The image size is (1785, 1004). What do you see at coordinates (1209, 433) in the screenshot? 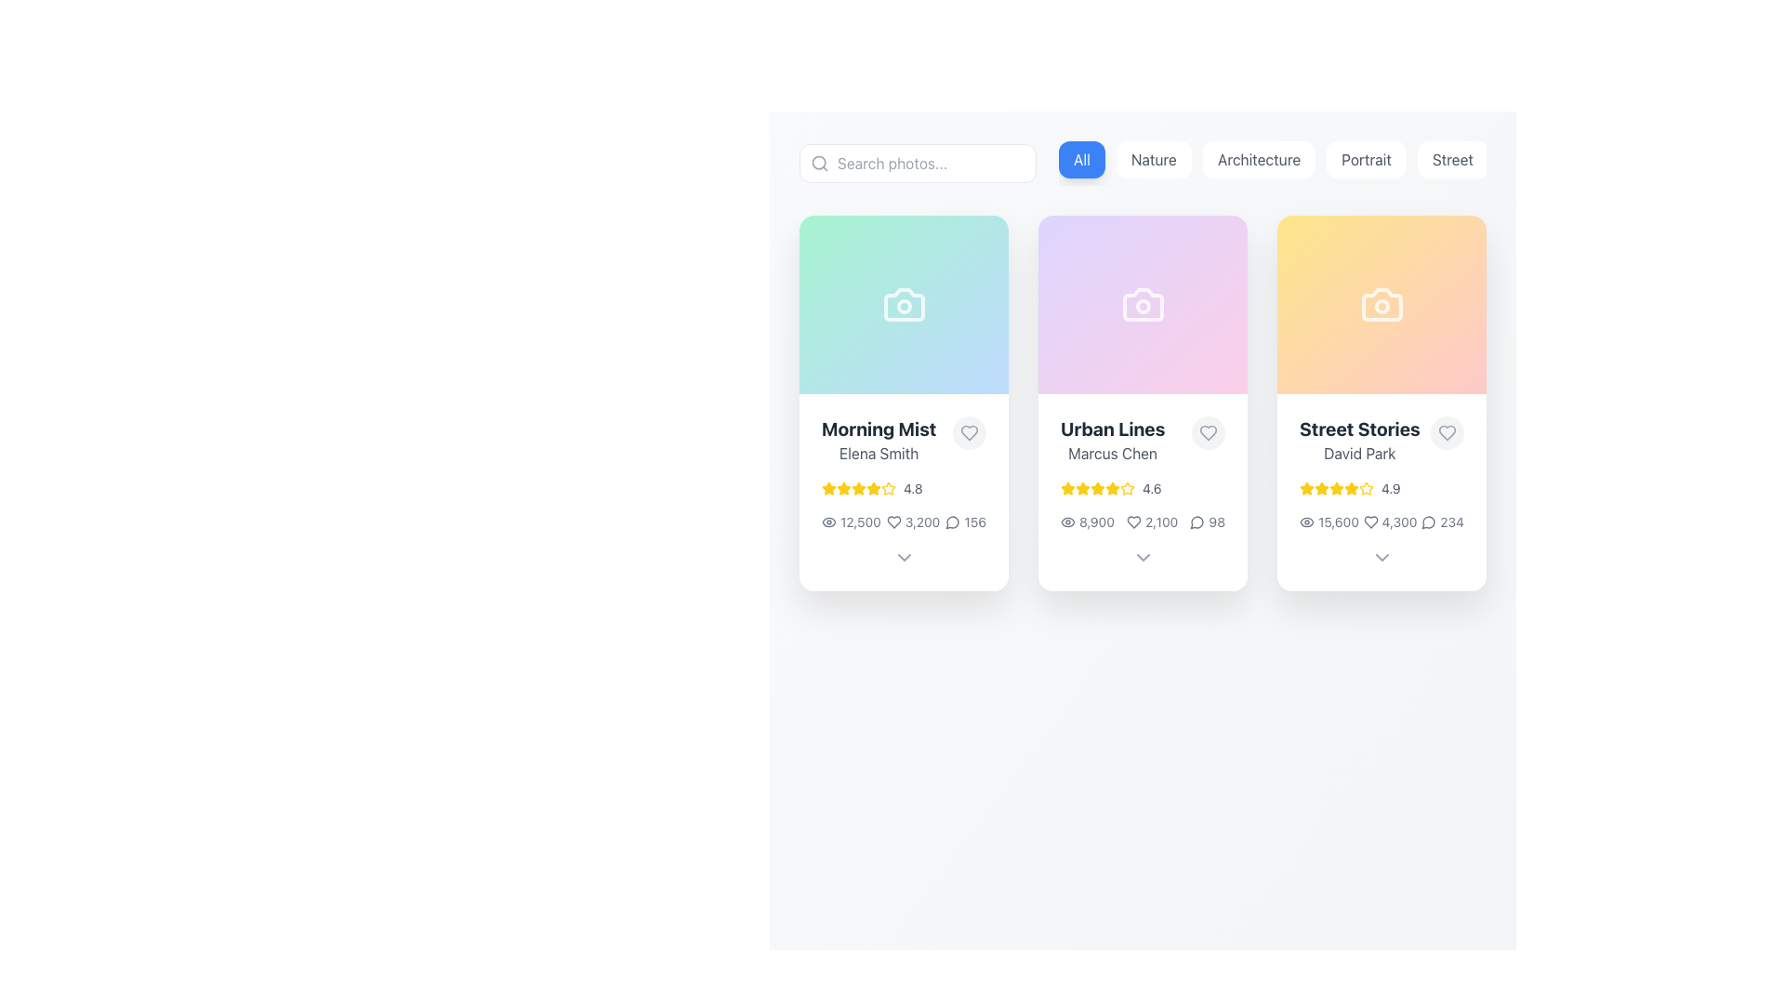
I see `the heart icon button located in the right-upper corner of the 'Urban Lines' card by 'Marcus Chen' to favorite the item` at bounding box center [1209, 433].